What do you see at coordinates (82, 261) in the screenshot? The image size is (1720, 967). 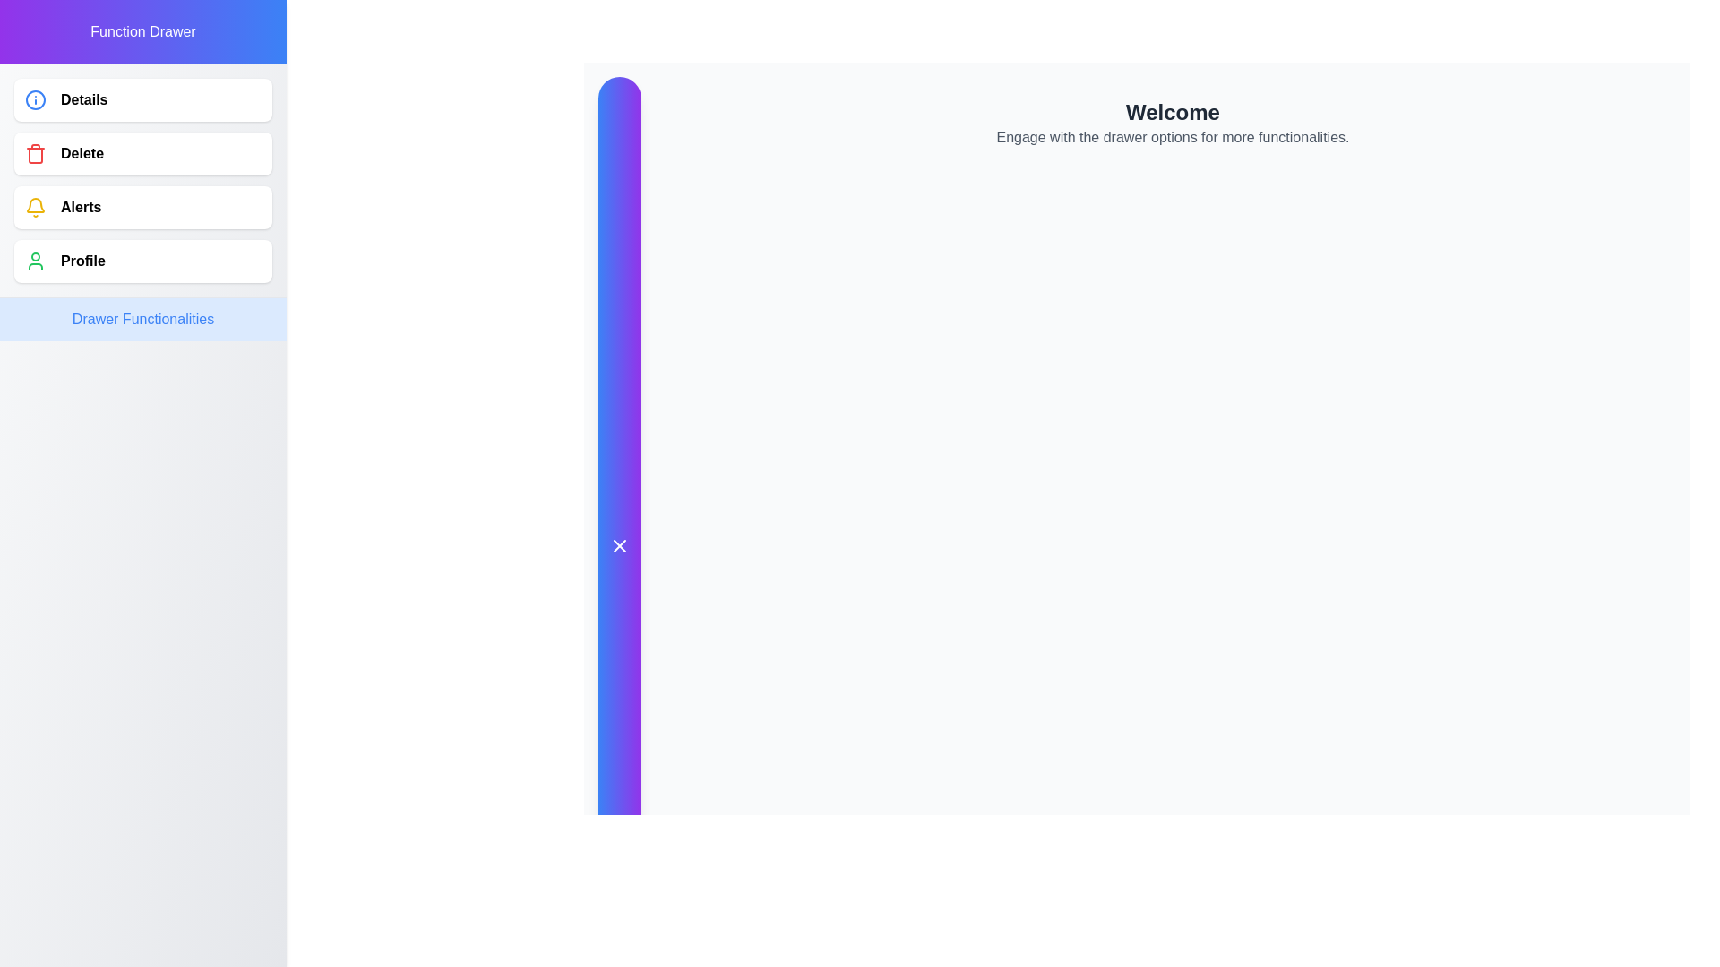 I see `the 'Profile' text label within the clickable button located in the fourth position of the vertical list in the left-hand side menu` at bounding box center [82, 261].